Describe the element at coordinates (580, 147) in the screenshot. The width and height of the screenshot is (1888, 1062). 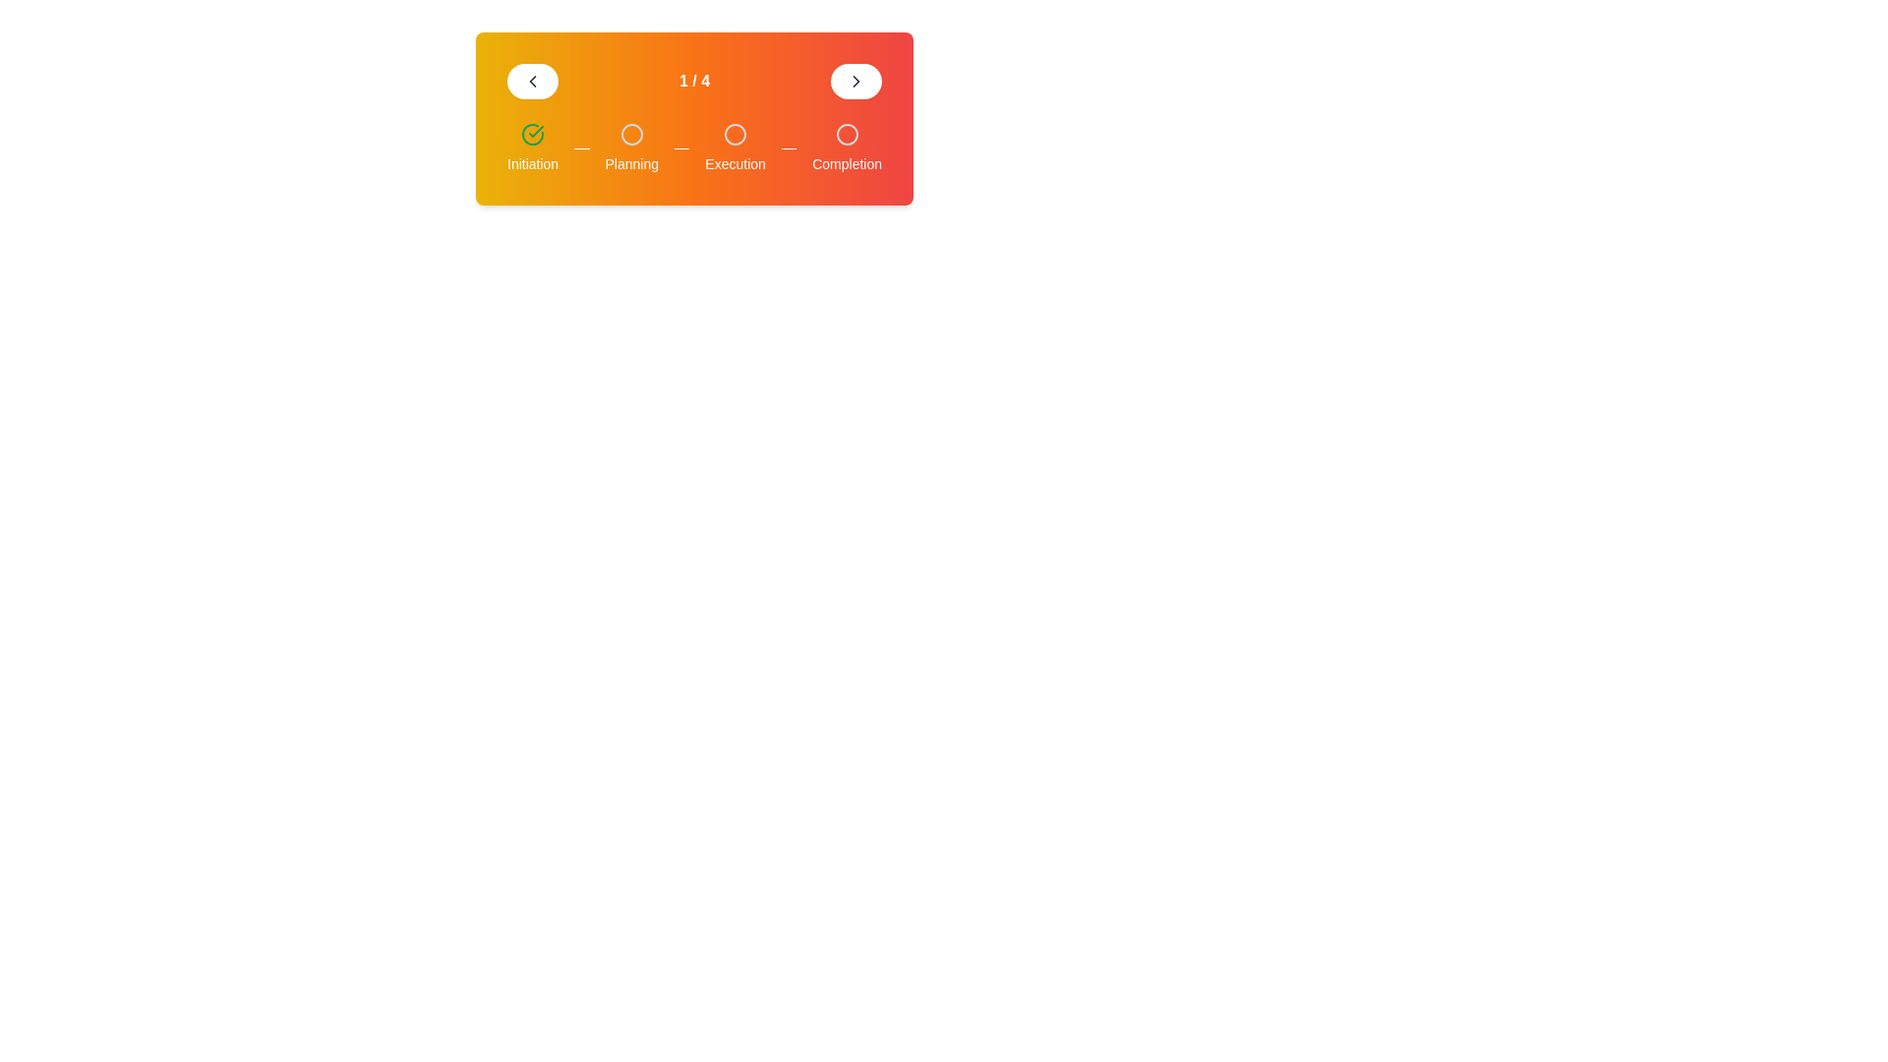
I see `the horizontal divider line that visually represents progression between the 'Initiation' and 'Planning' labels in the sequence` at that location.